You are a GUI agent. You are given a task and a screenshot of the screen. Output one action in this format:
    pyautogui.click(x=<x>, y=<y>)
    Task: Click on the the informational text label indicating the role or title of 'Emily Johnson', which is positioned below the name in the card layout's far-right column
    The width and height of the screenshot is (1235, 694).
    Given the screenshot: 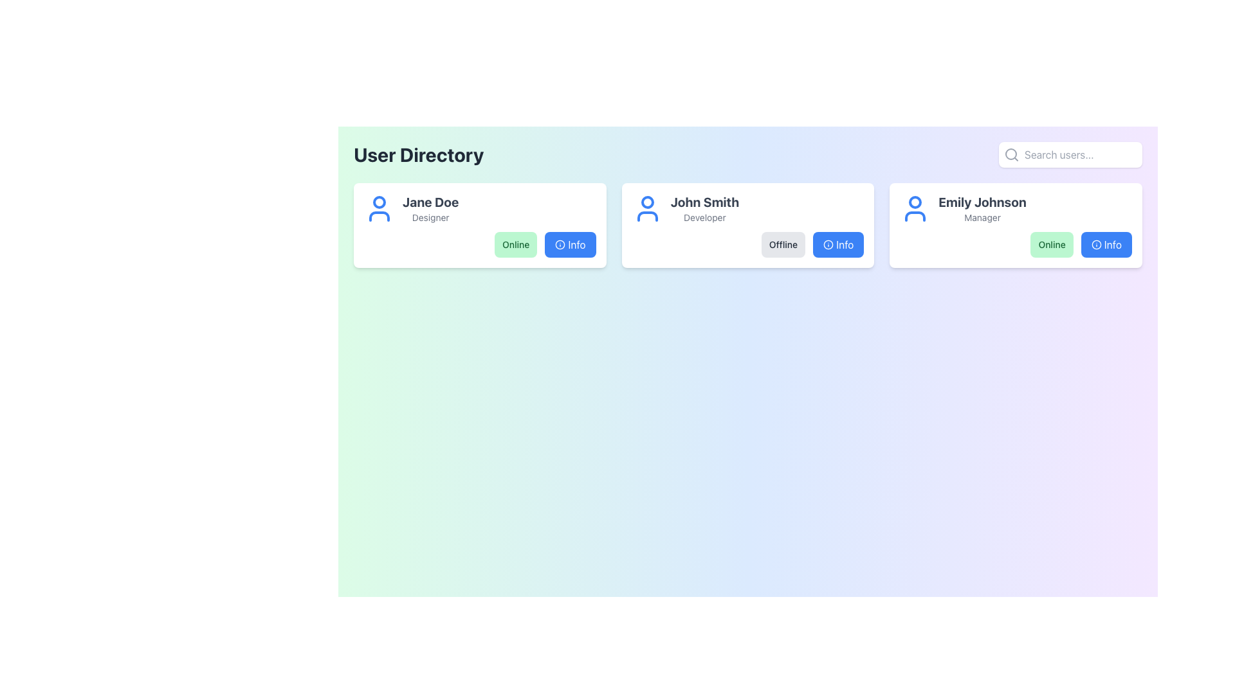 What is the action you would take?
    pyautogui.click(x=982, y=217)
    